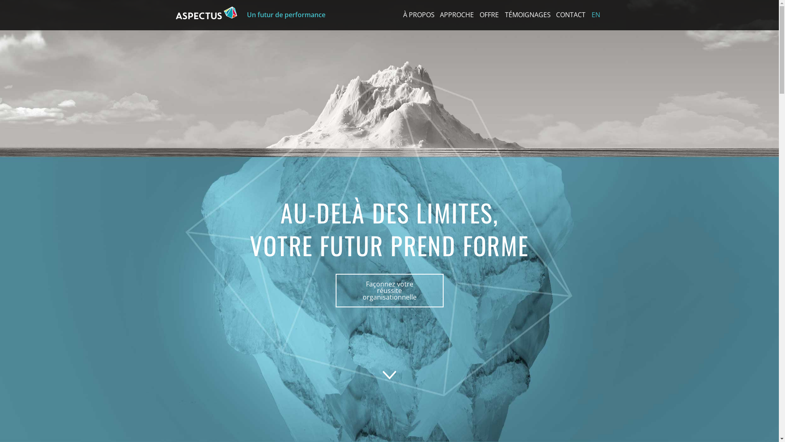  What do you see at coordinates (570, 14) in the screenshot?
I see `'CONTACT'` at bounding box center [570, 14].